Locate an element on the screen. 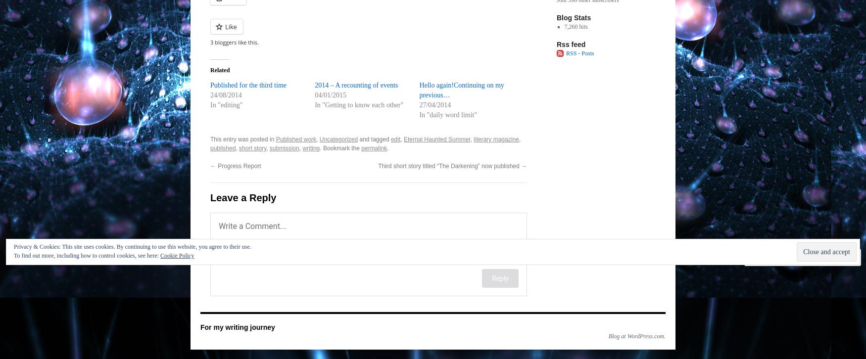 This screenshot has height=359, width=866. 'Blog Stats' is located at coordinates (573, 17).